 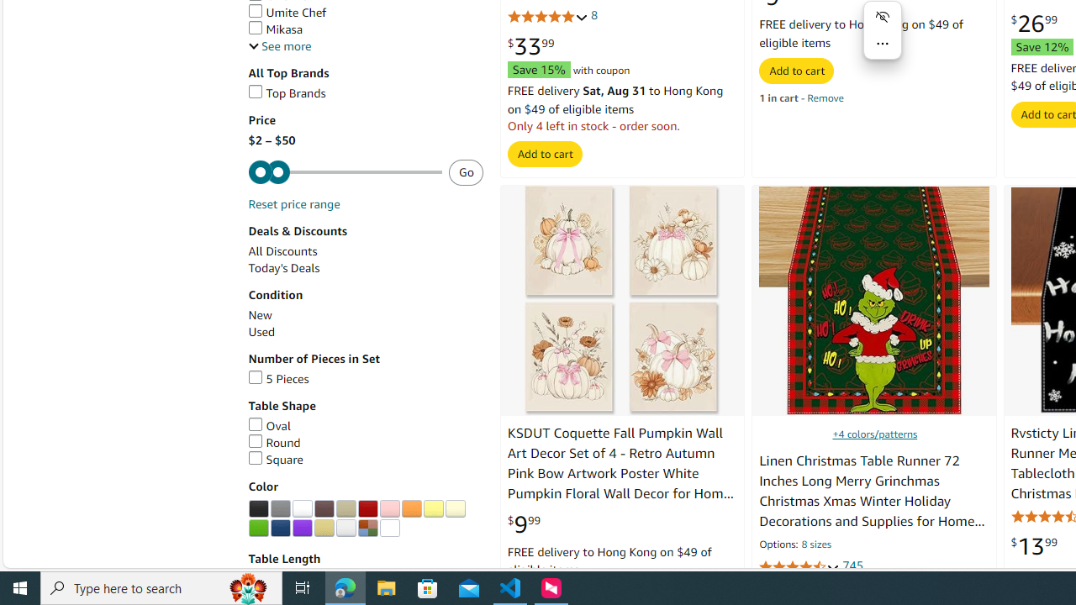 I want to click on 'Hide menu', so click(x=882, y=17).